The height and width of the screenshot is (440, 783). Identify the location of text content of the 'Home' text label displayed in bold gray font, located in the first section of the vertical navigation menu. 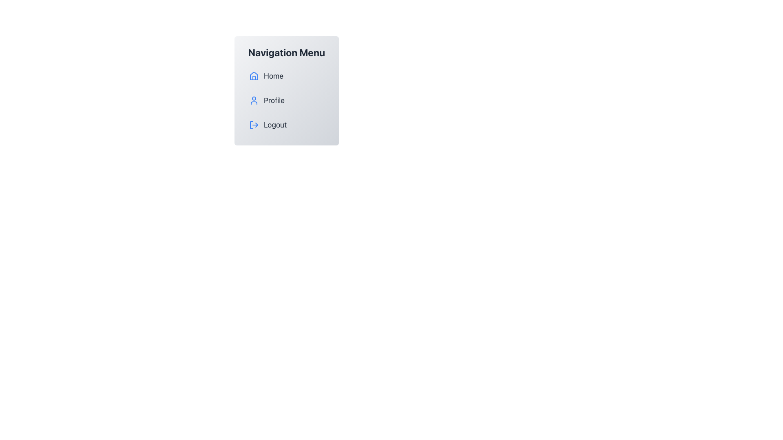
(274, 76).